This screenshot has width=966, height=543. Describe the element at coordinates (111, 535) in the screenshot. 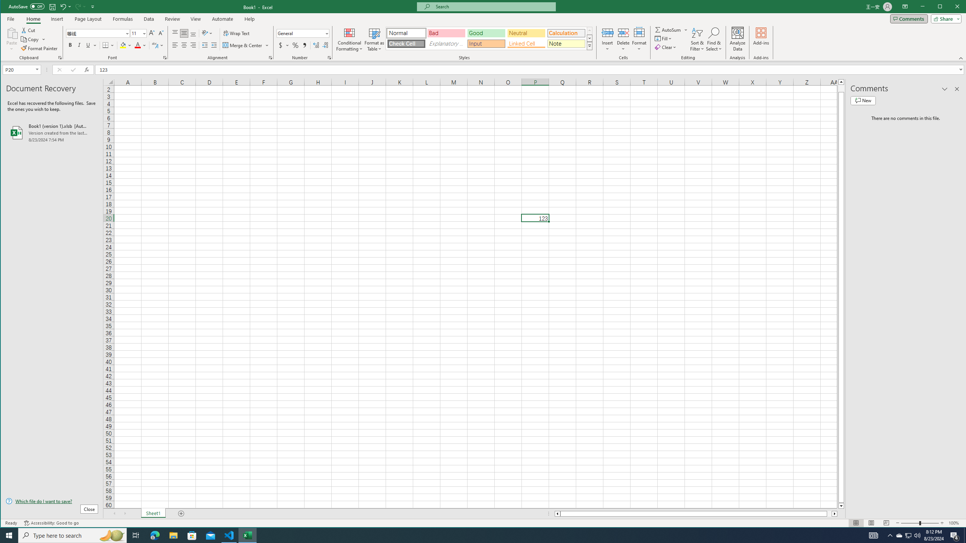

I see `'Search highlights icon opens search home window'` at that location.